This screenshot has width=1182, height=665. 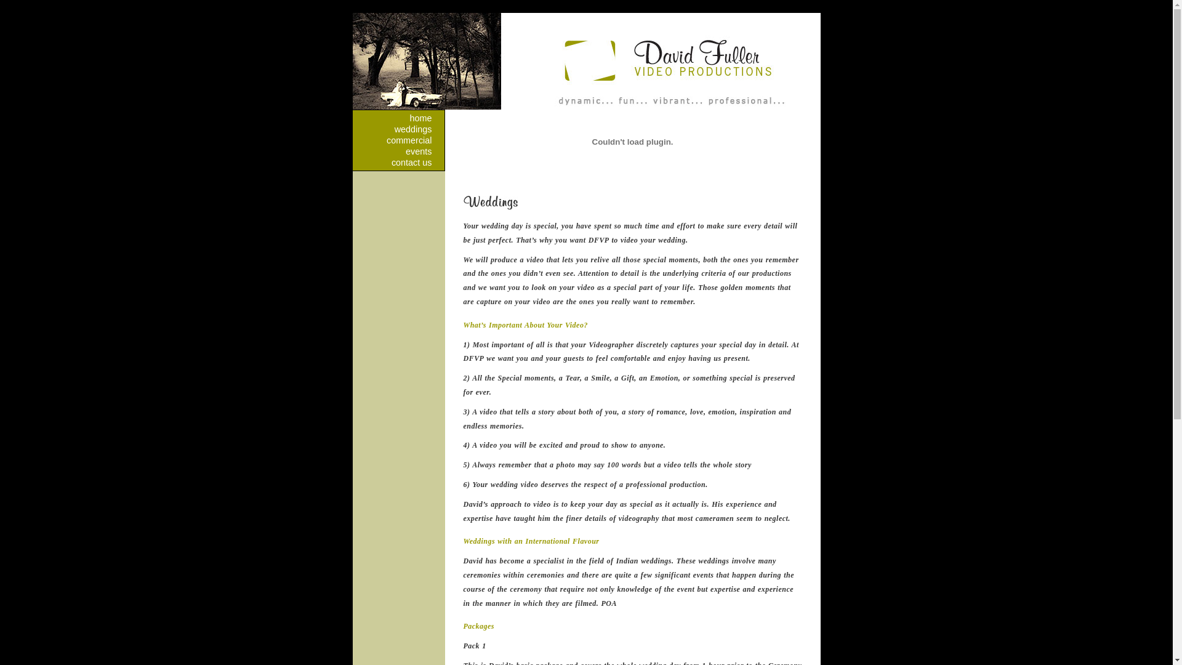 What do you see at coordinates (398, 161) in the screenshot?
I see `'contact us'` at bounding box center [398, 161].